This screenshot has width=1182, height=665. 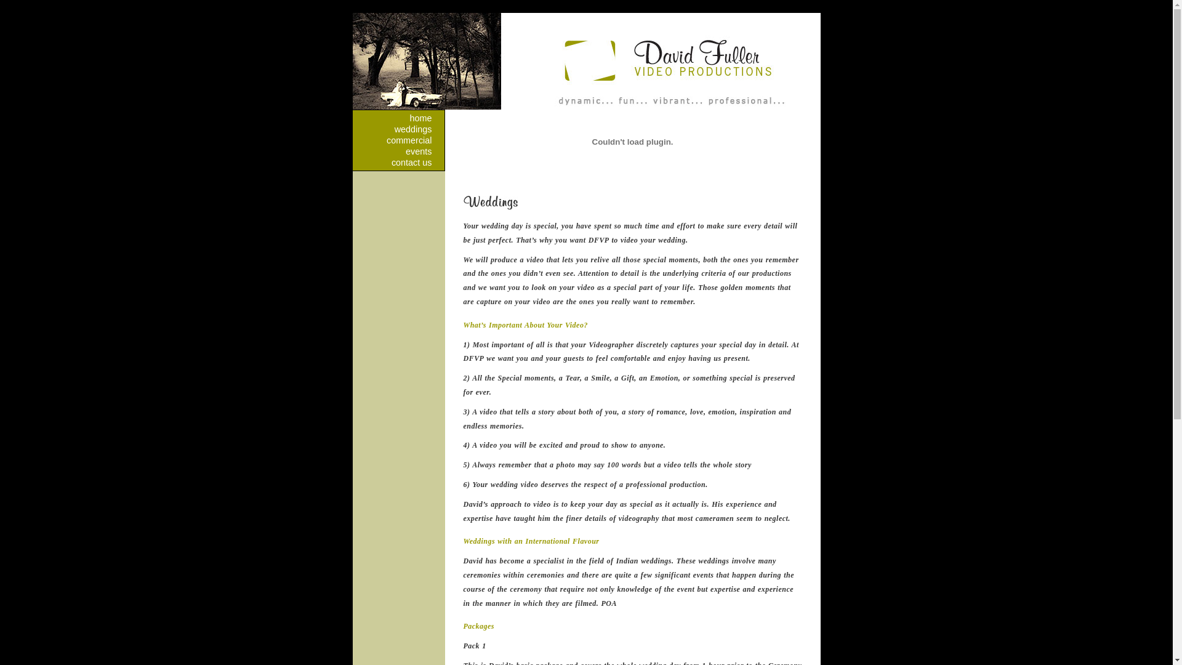 What do you see at coordinates (398, 161) in the screenshot?
I see `'contact us'` at bounding box center [398, 161].